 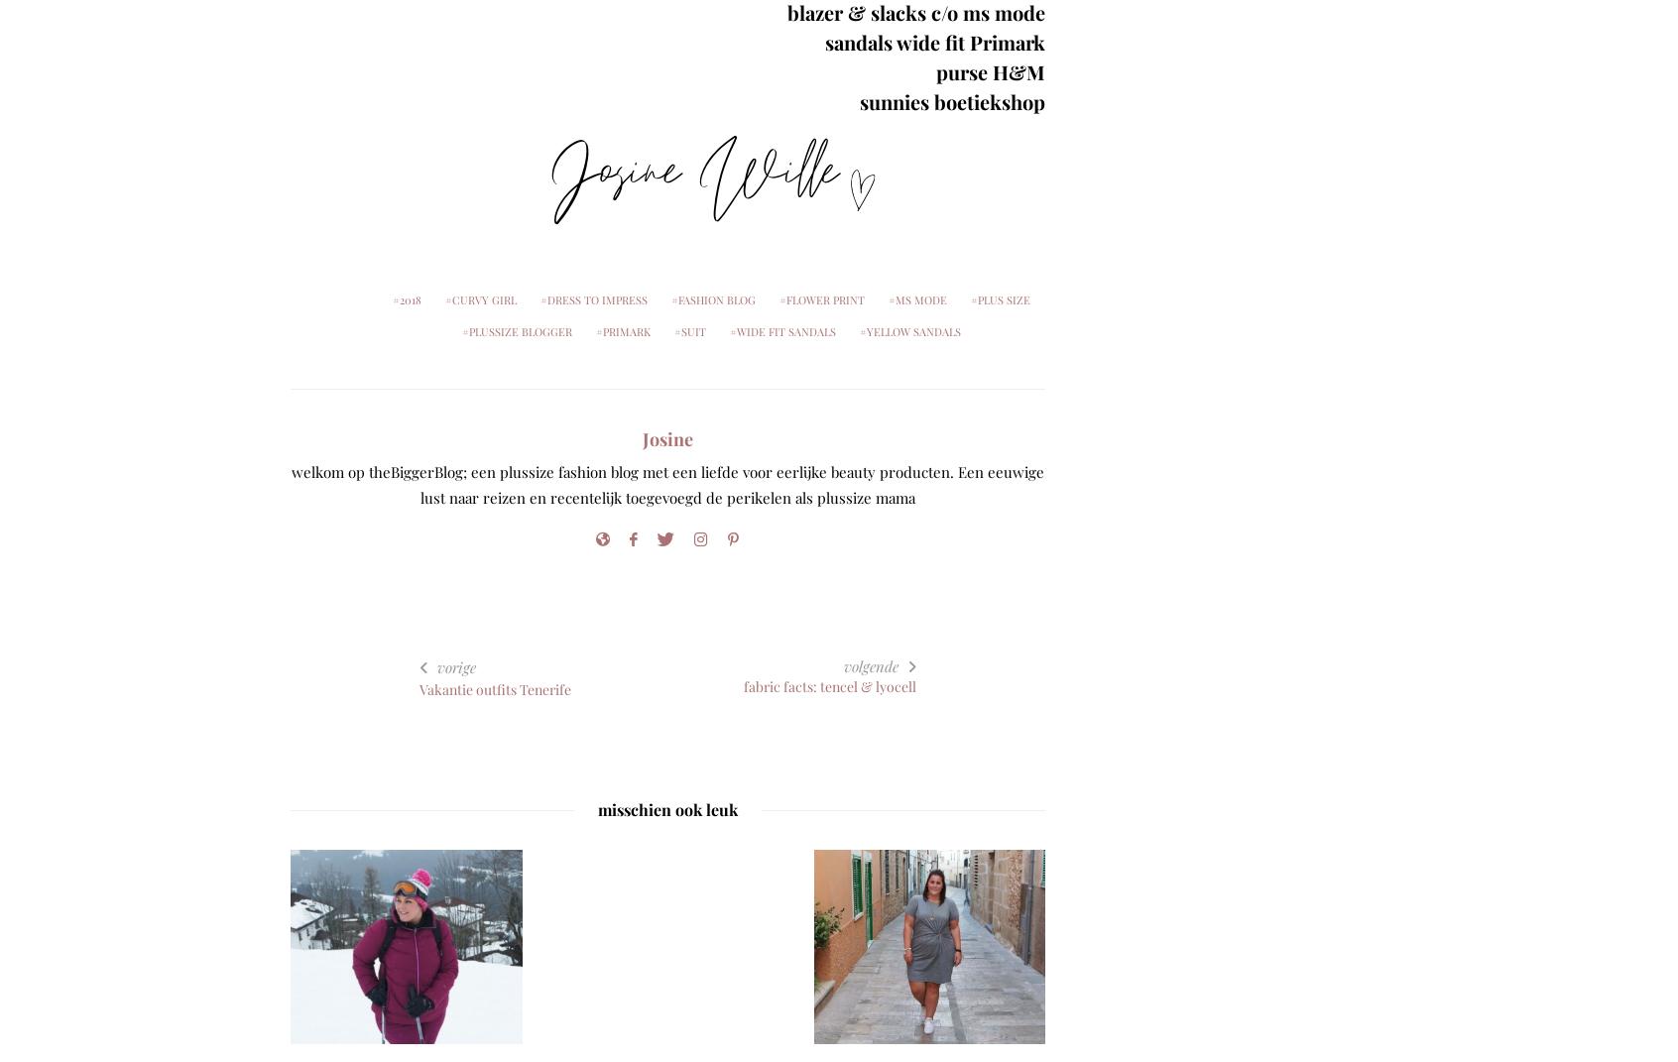 What do you see at coordinates (920, 299) in the screenshot?
I see `'MS Mode'` at bounding box center [920, 299].